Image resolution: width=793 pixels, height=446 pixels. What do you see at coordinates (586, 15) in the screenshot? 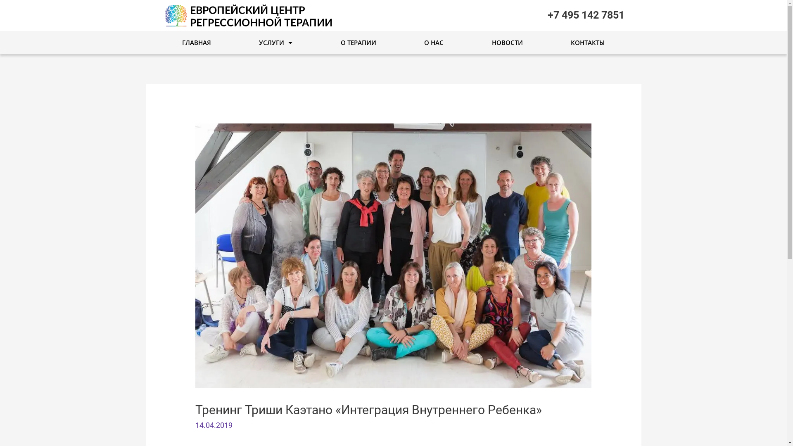
I see `'+7 495 142 7851'` at bounding box center [586, 15].